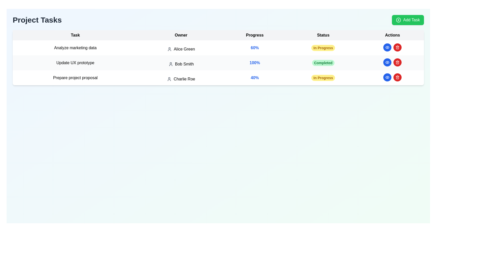  I want to click on the user icon located in the 'Owner' column of the first row, which is visually represented next to the text 'Alice Green', so click(169, 49).